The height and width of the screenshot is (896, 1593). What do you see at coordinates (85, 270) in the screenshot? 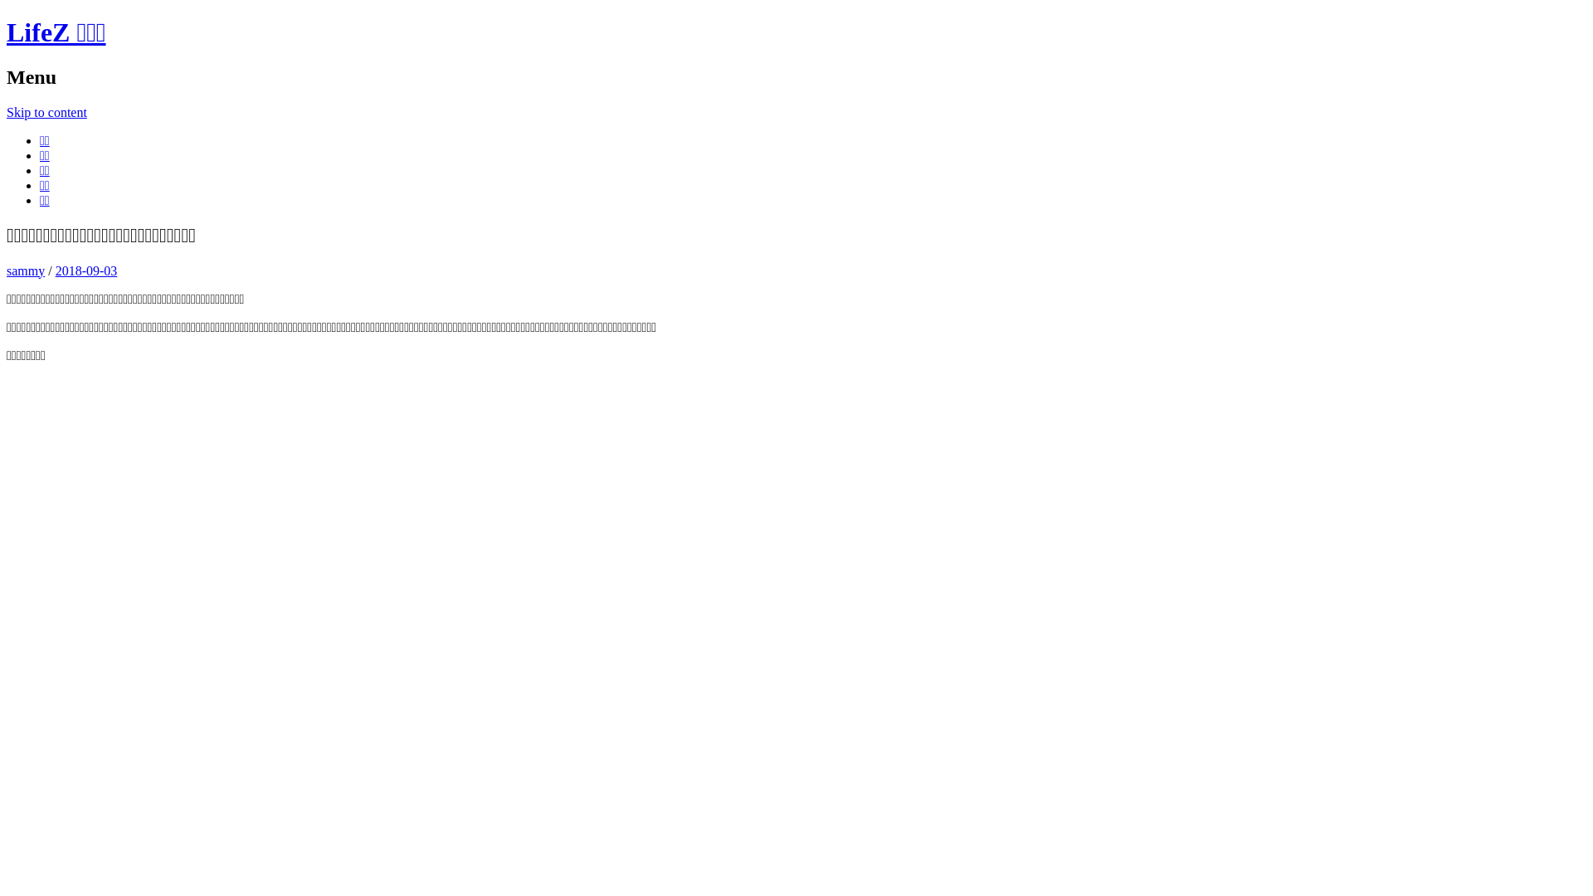
I see `'2018-09-03'` at bounding box center [85, 270].